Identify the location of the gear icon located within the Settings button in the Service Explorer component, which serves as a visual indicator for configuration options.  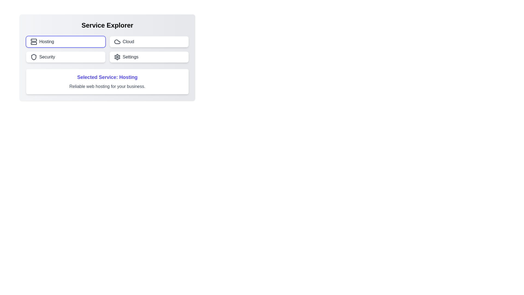
(117, 57).